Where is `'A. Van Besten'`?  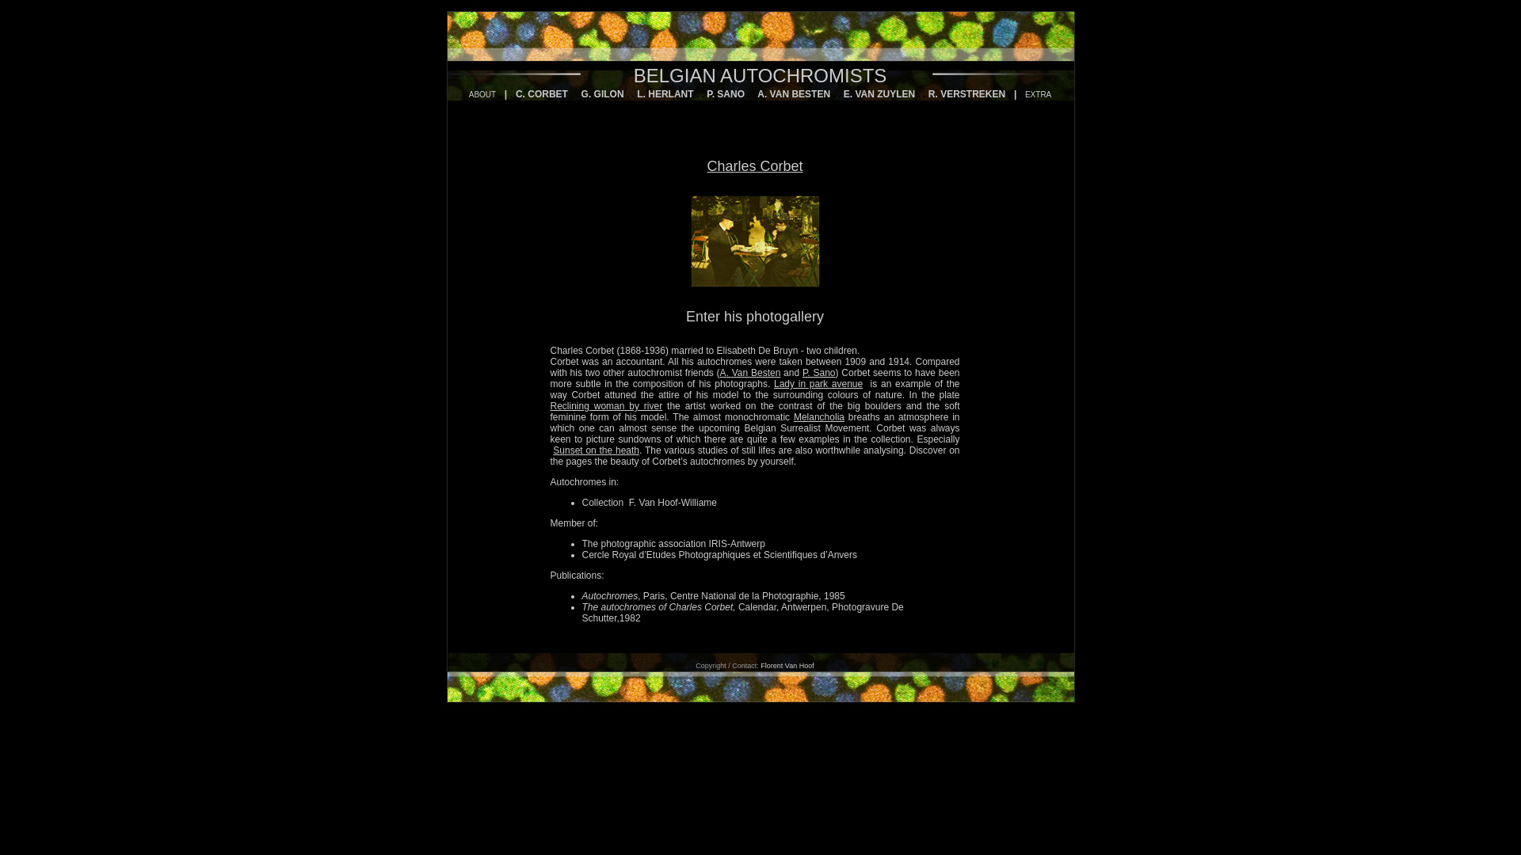 'A. Van Besten' is located at coordinates (749, 372).